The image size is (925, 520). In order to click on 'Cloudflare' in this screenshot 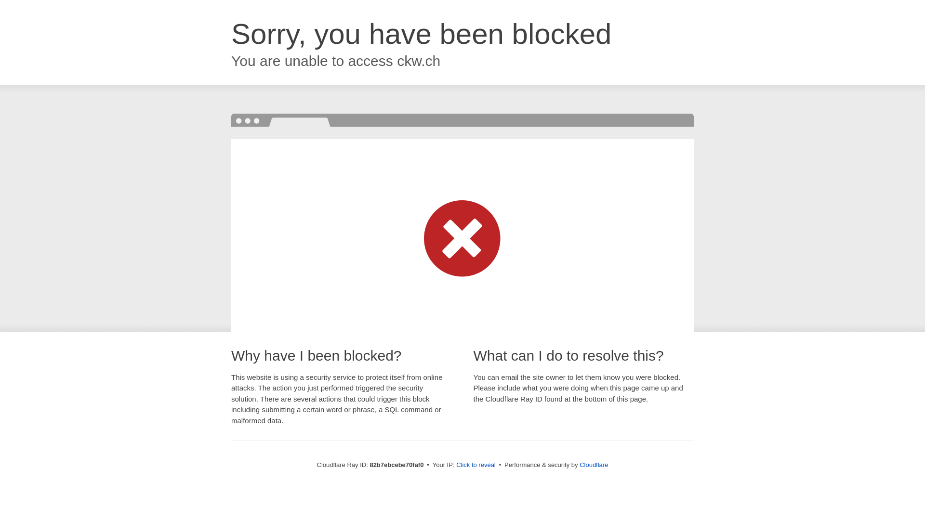, I will do `click(593, 464)`.